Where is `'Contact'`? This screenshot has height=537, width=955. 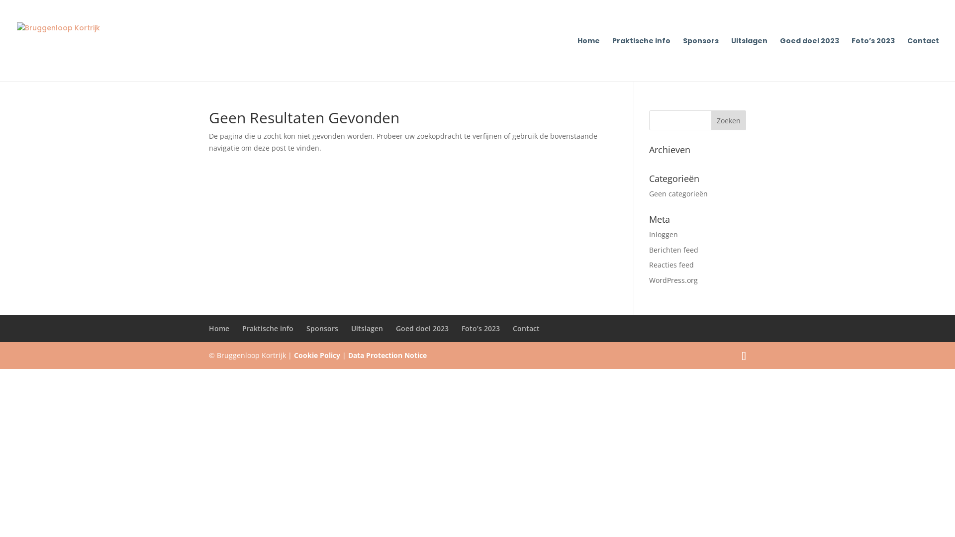 'Contact' is located at coordinates (923, 59).